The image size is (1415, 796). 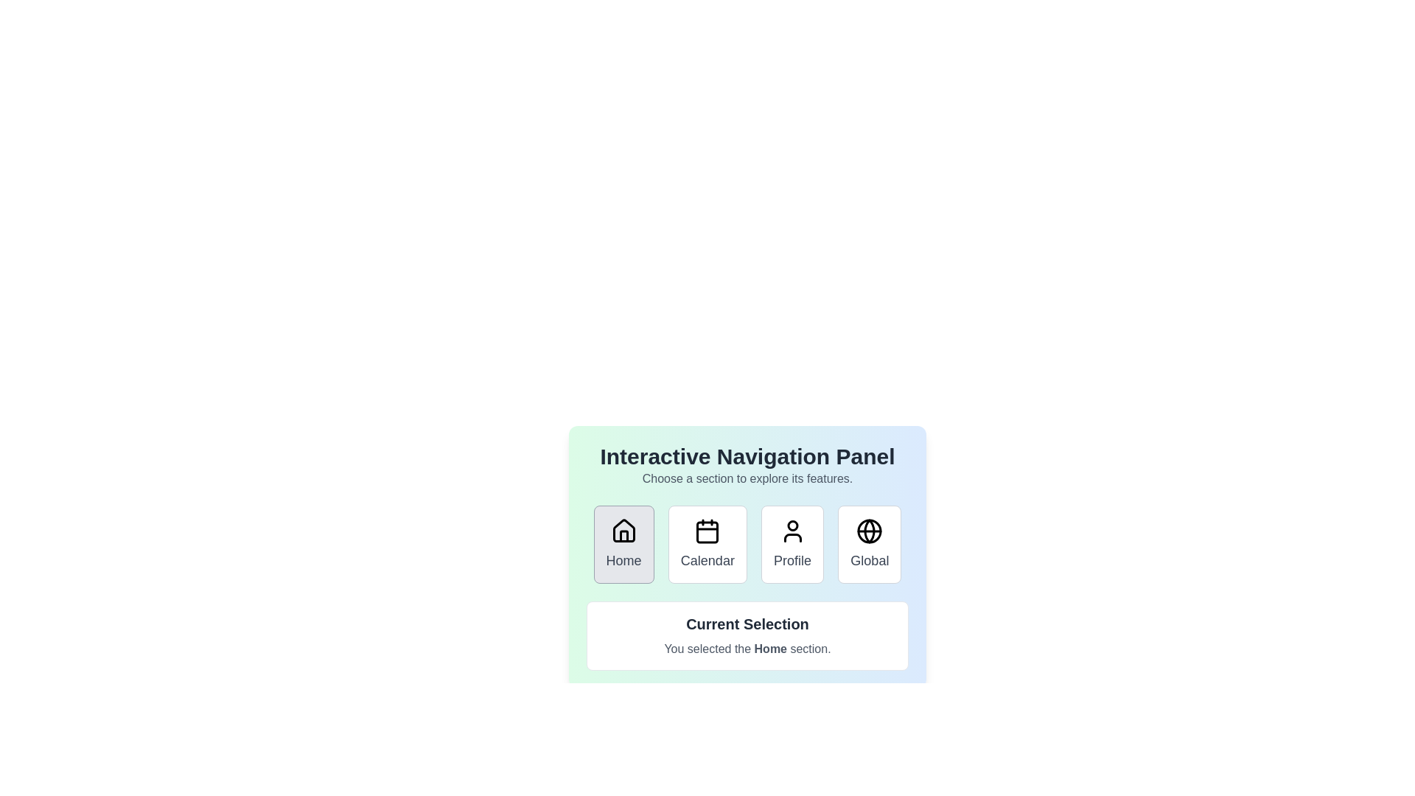 I want to click on the Label containing the title 'Interactive Navigation Panel' and subtitle 'Choose a section, so click(x=747, y=466).